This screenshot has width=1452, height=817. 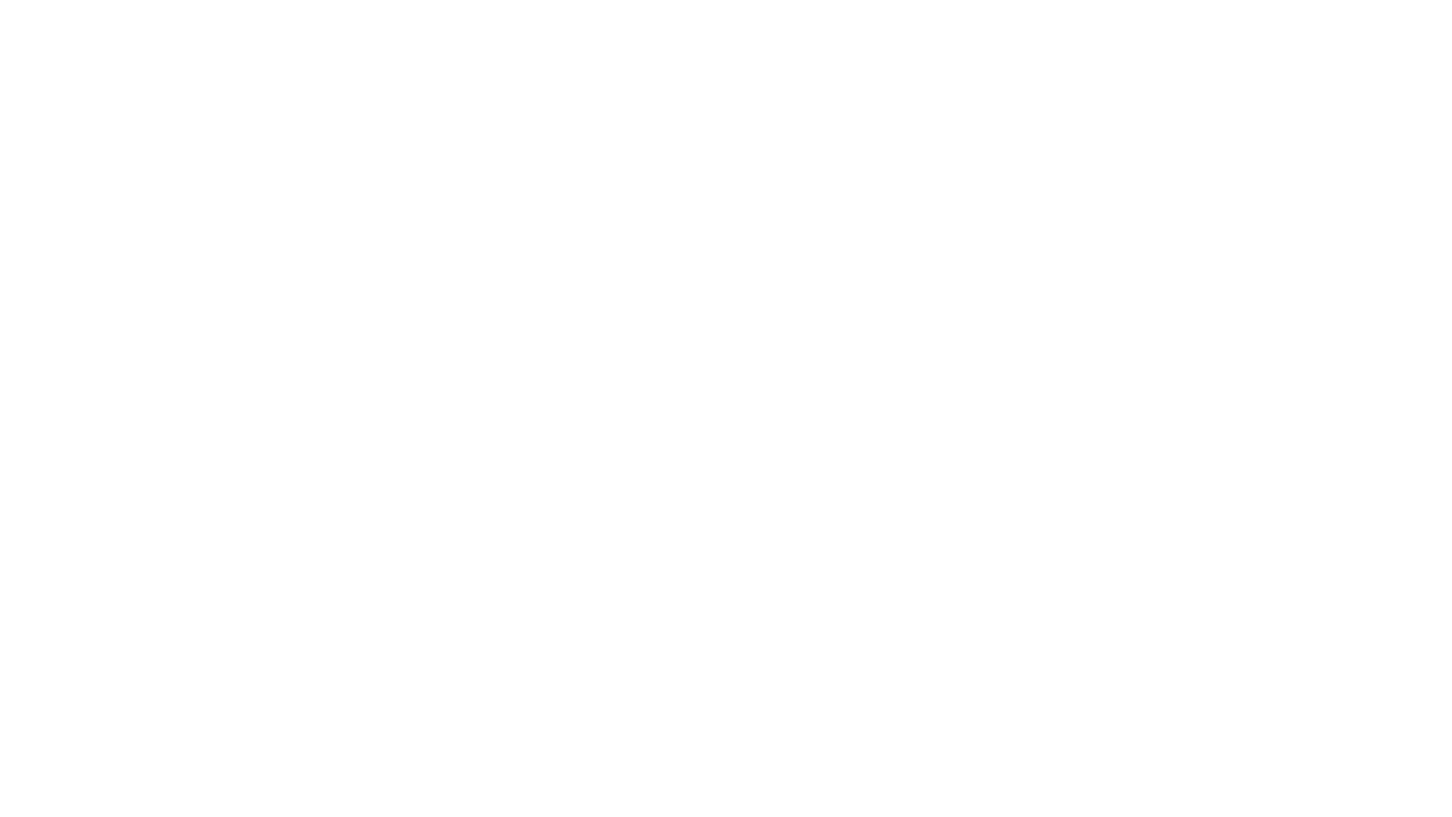 What do you see at coordinates (1226, 197) in the screenshot?
I see `Hui Xiao` at bounding box center [1226, 197].